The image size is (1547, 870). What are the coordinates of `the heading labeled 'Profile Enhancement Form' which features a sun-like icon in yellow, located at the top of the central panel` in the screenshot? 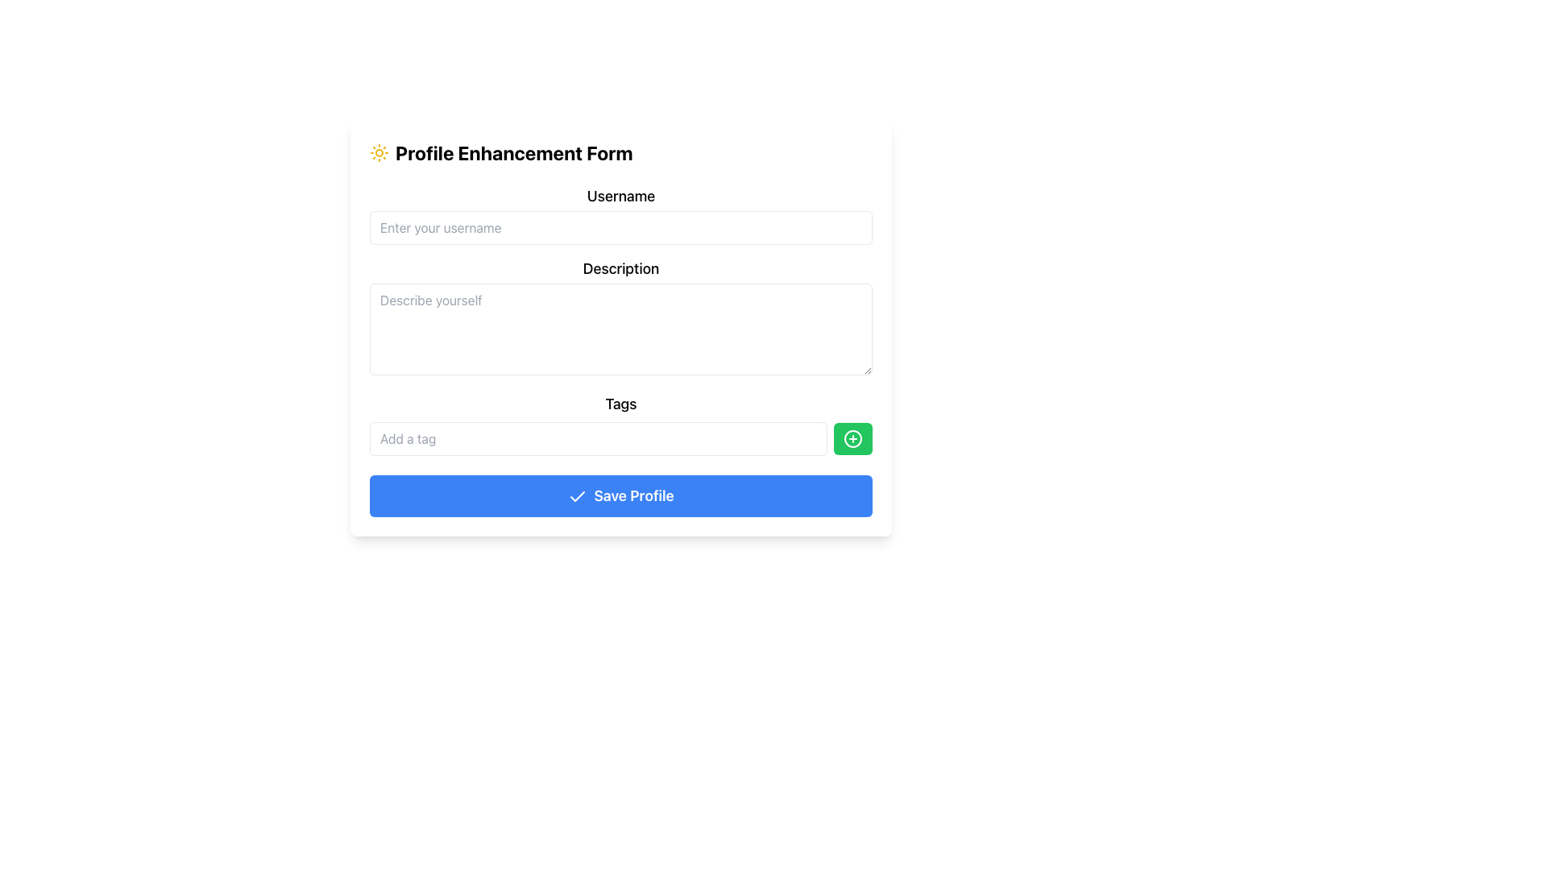 It's located at (620, 152).